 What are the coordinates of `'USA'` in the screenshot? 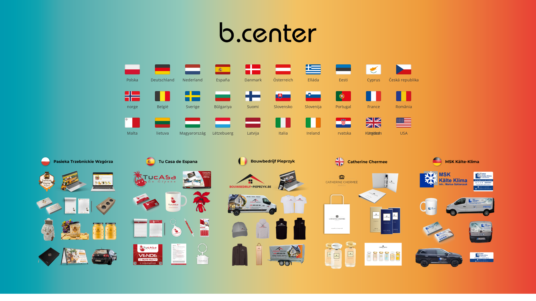 It's located at (403, 133).